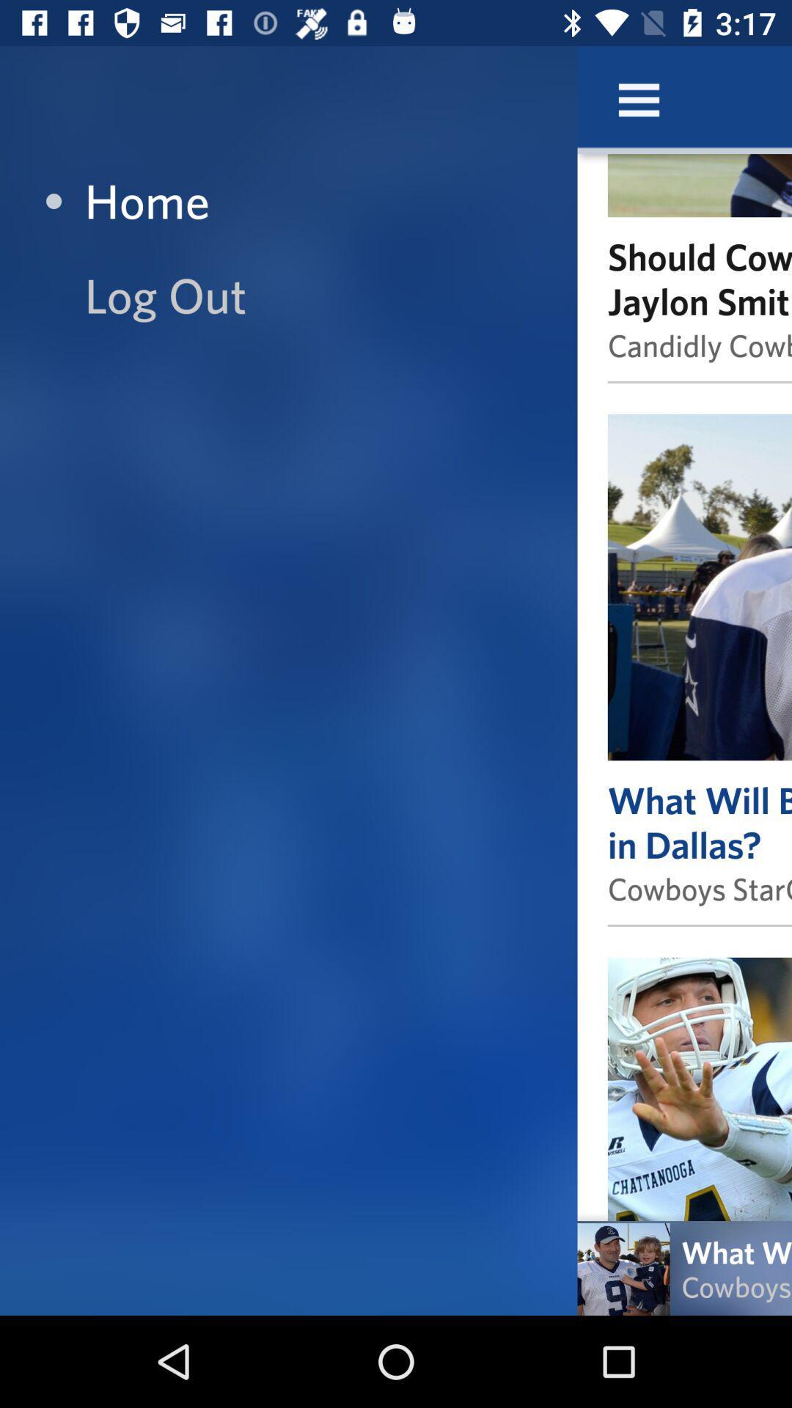  Describe the element at coordinates (638, 99) in the screenshot. I see `the menu icon` at that location.